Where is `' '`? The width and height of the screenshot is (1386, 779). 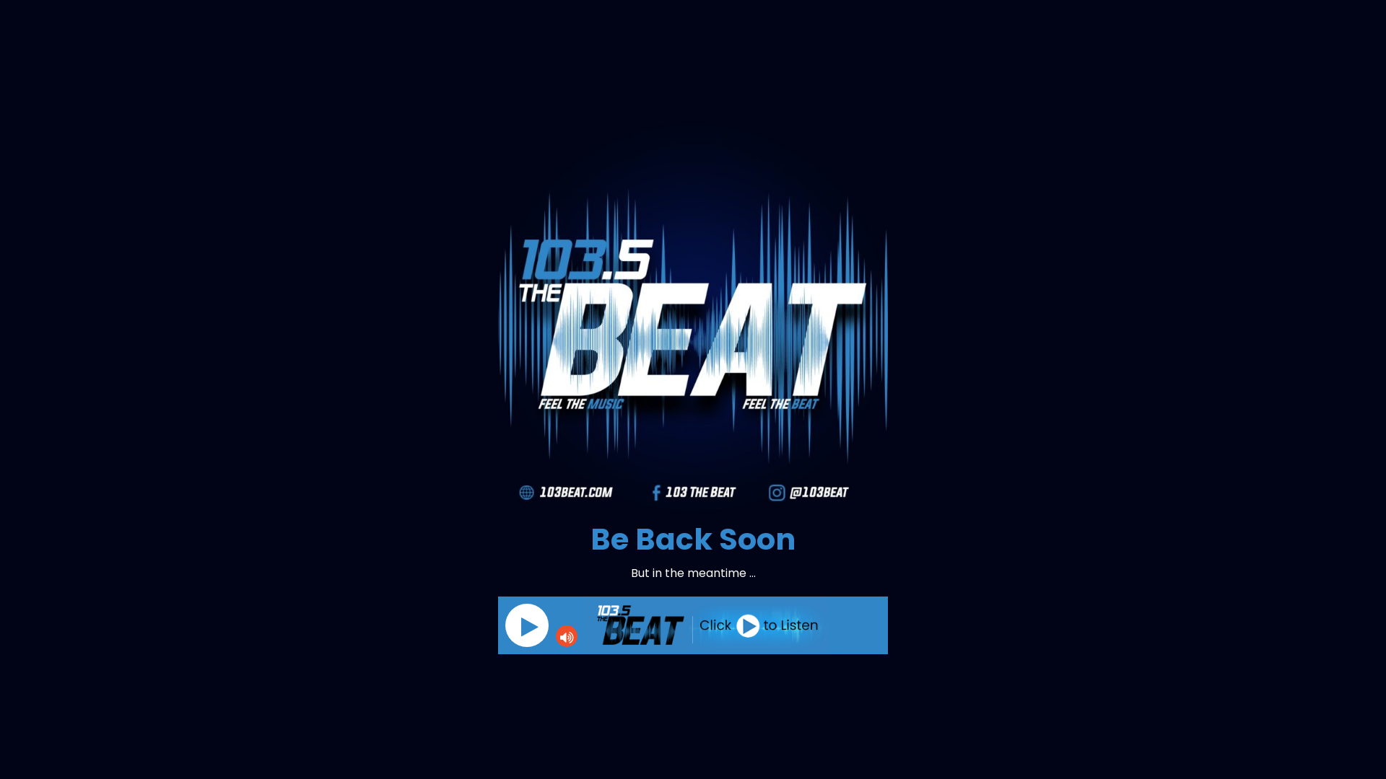
' ' is located at coordinates (505, 625).